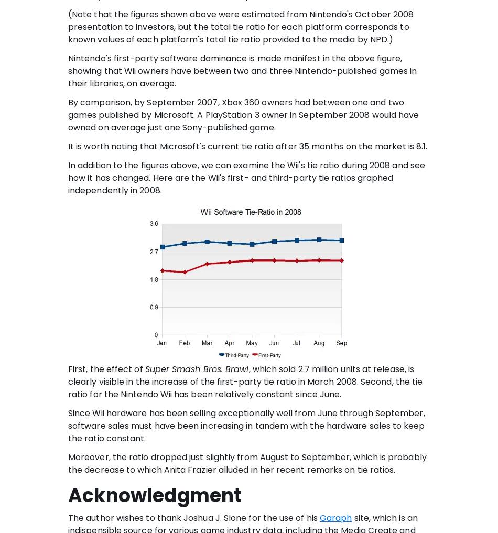 This screenshot has height=533, width=498. What do you see at coordinates (335, 517) in the screenshot?
I see `'Garaph'` at bounding box center [335, 517].